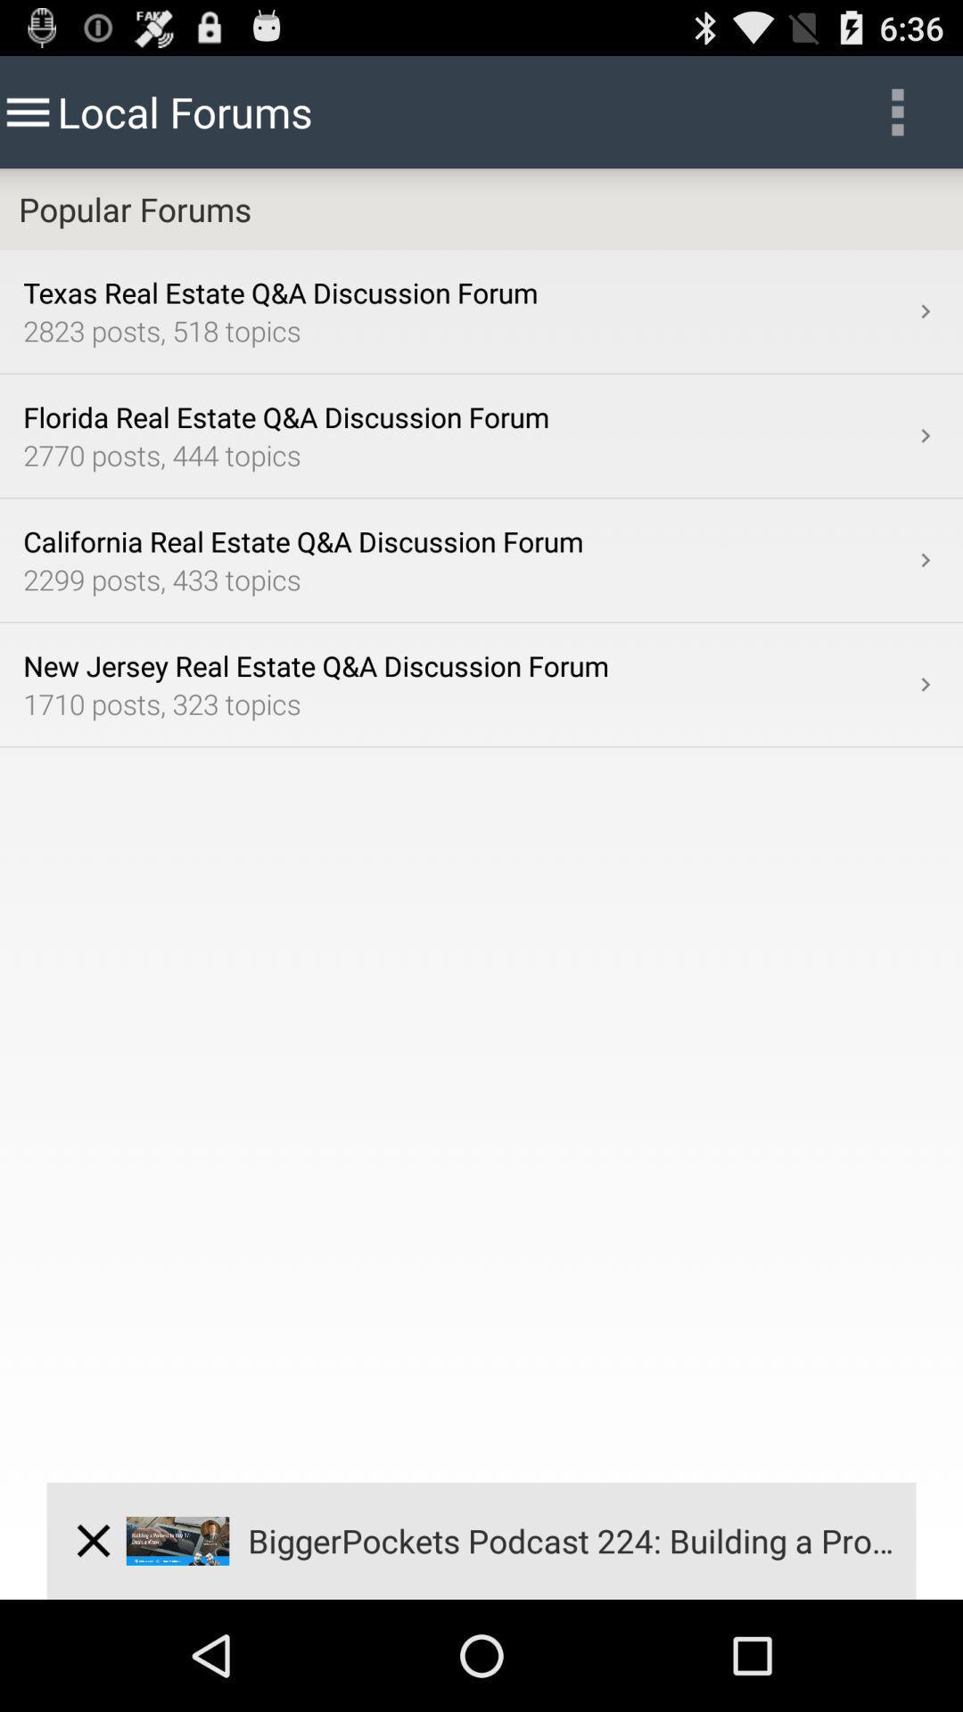 The image size is (963, 1712). What do you see at coordinates (466, 664) in the screenshot?
I see `new jersey real icon` at bounding box center [466, 664].